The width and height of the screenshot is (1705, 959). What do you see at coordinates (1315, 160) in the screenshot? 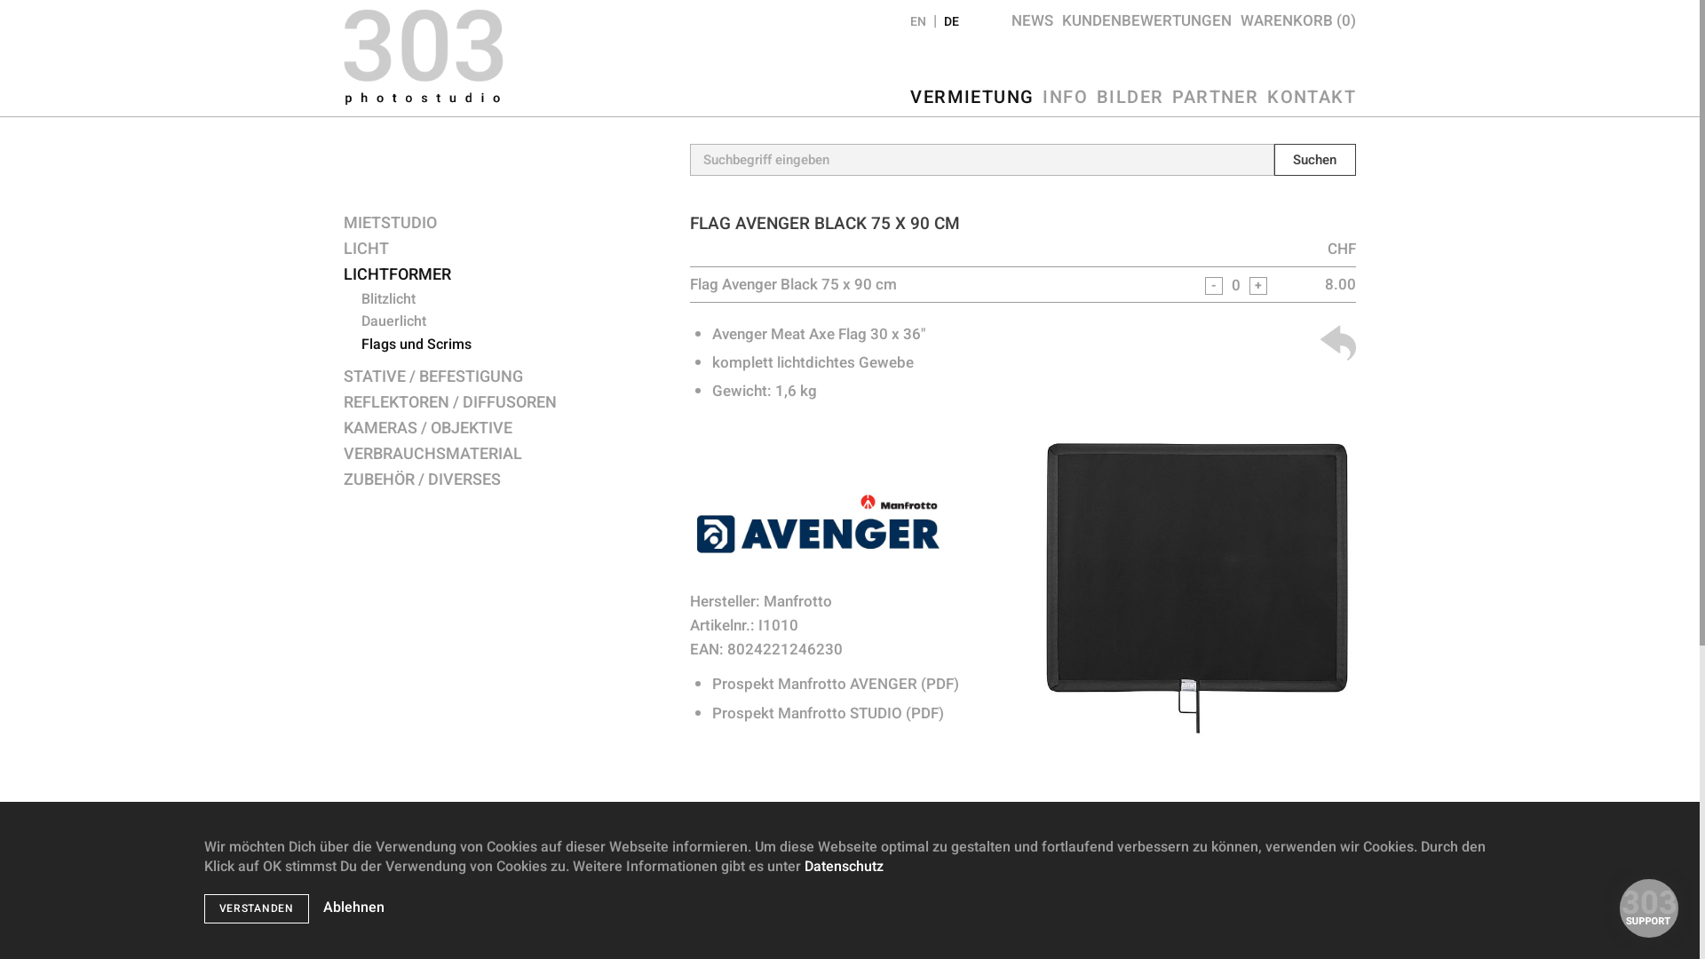
I see `'Suchen'` at bounding box center [1315, 160].